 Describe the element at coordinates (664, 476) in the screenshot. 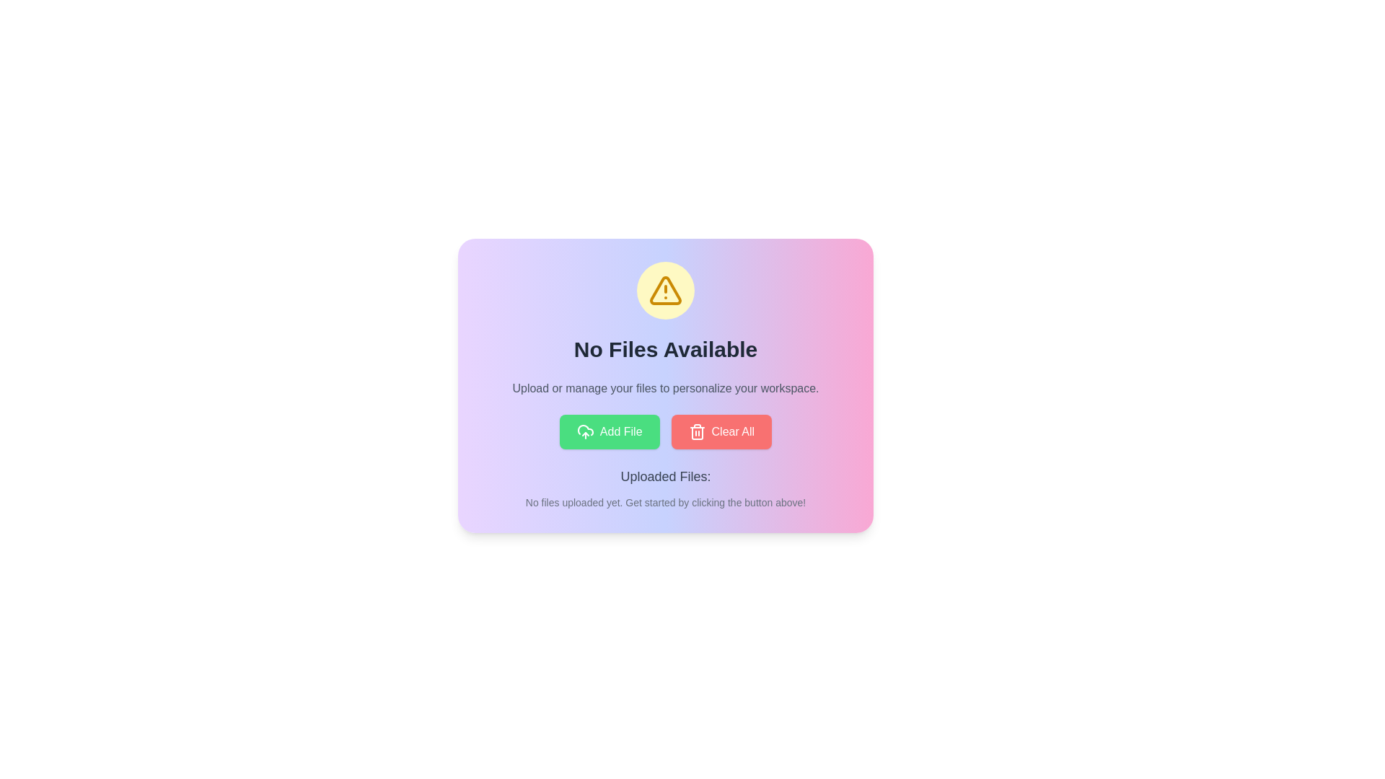

I see `the Text Label indicating the section for uploaded files, which displays the text 'Uploaded Files: No files uploaded yet.'` at that location.